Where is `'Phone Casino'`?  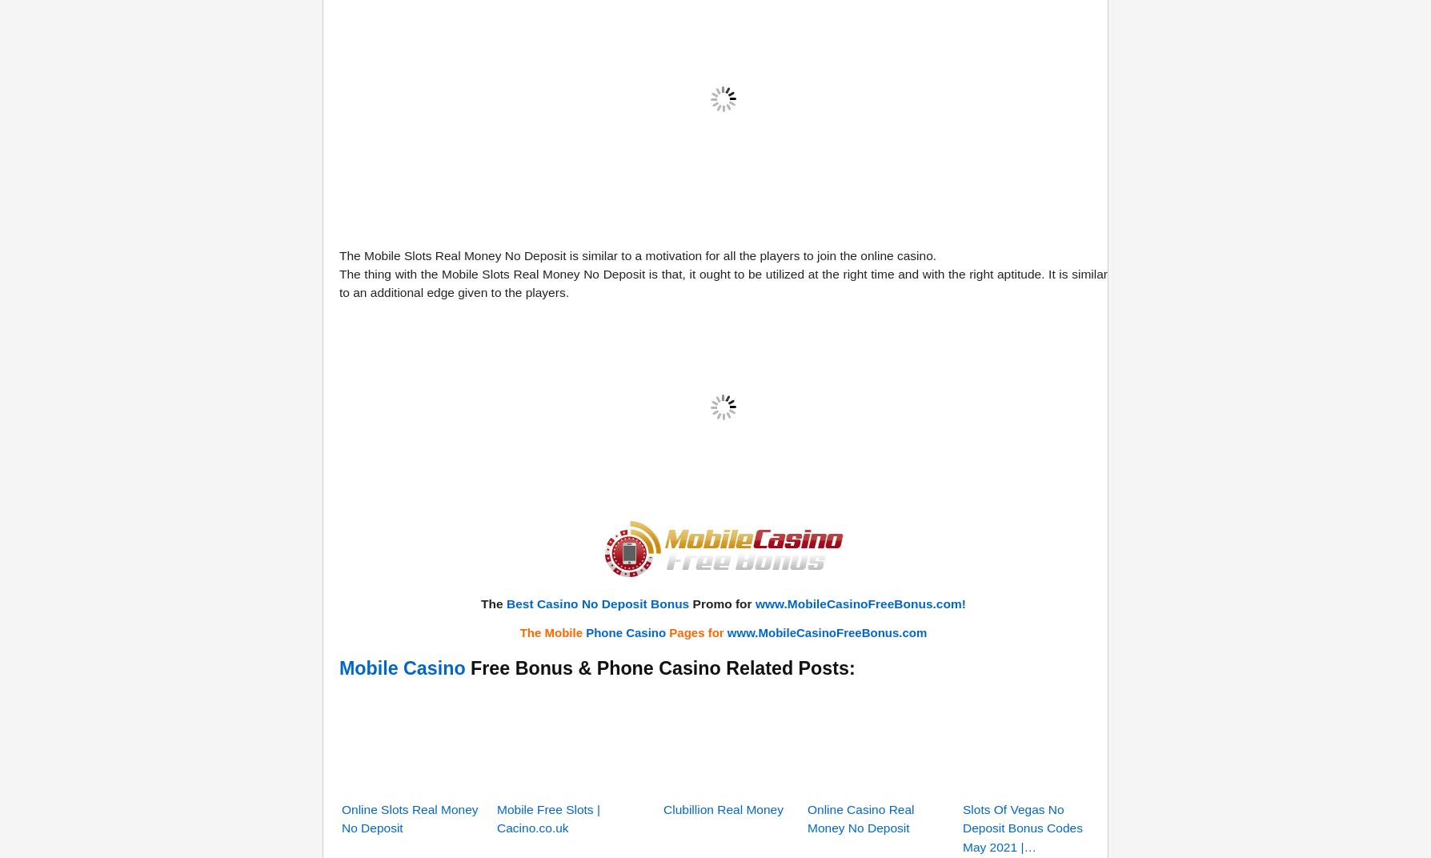
'Phone Casino' is located at coordinates (625, 431).